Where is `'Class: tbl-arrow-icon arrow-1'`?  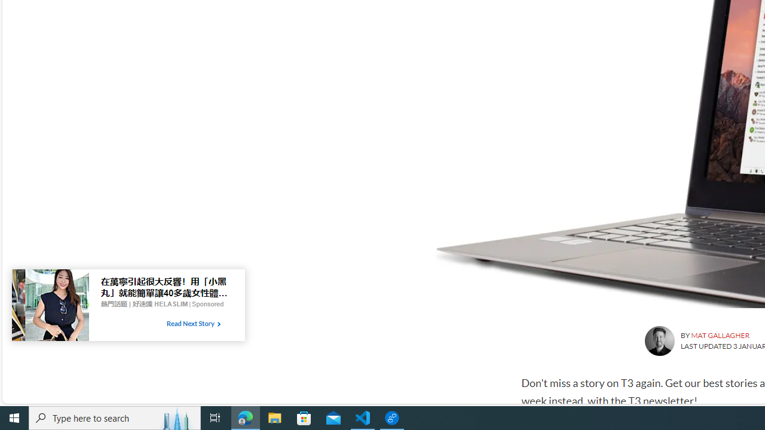
'Class: tbl-arrow-icon arrow-1' is located at coordinates (219, 324).